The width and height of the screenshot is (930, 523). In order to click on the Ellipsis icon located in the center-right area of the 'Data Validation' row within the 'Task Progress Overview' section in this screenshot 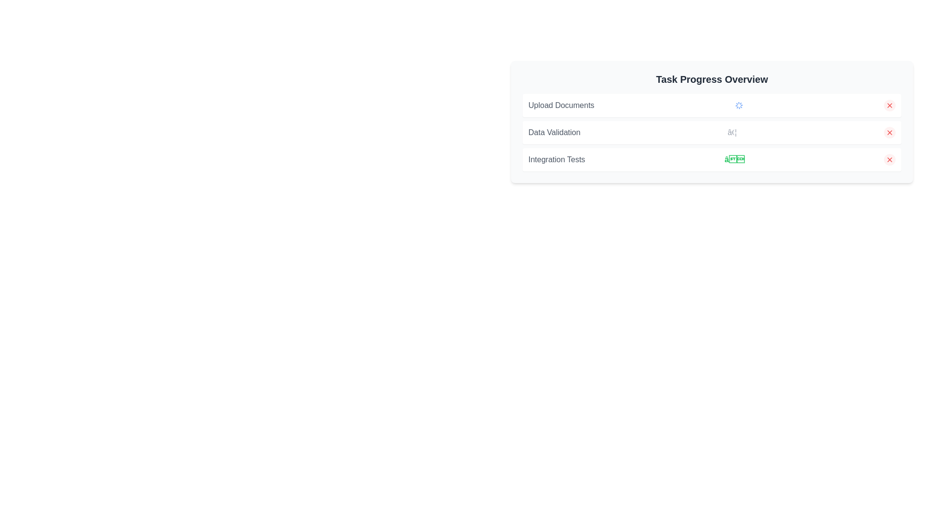, I will do `click(732, 132)`.